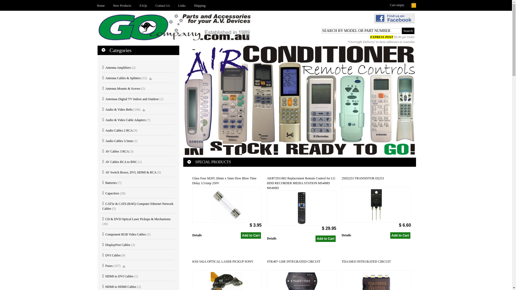 This screenshot has width=516, height=290. I want to click on 'HDMI to HDMI Cables', so click(119, 287).